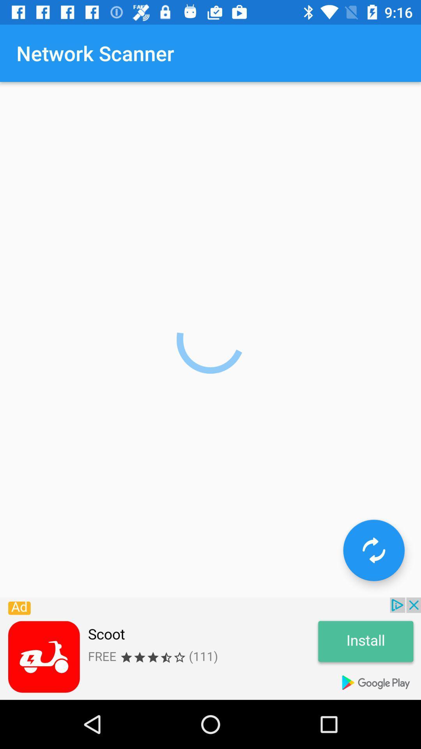  I want to click on the refresh icon, so click(373, 550).